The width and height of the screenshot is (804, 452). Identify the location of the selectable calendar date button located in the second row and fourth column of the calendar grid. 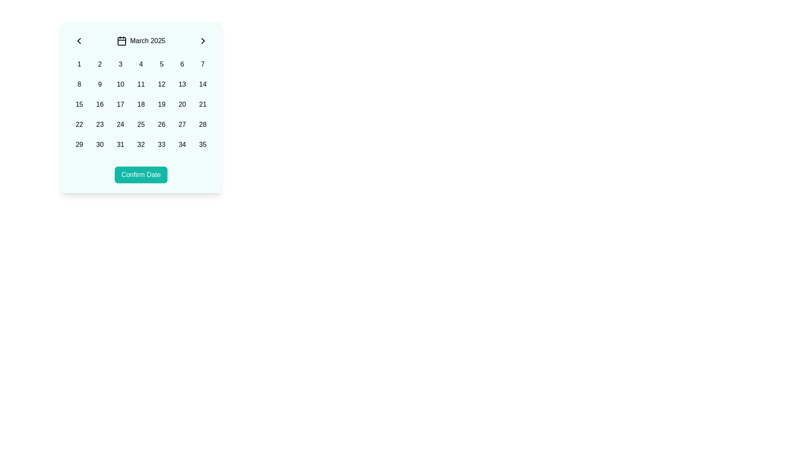
(141, 84).